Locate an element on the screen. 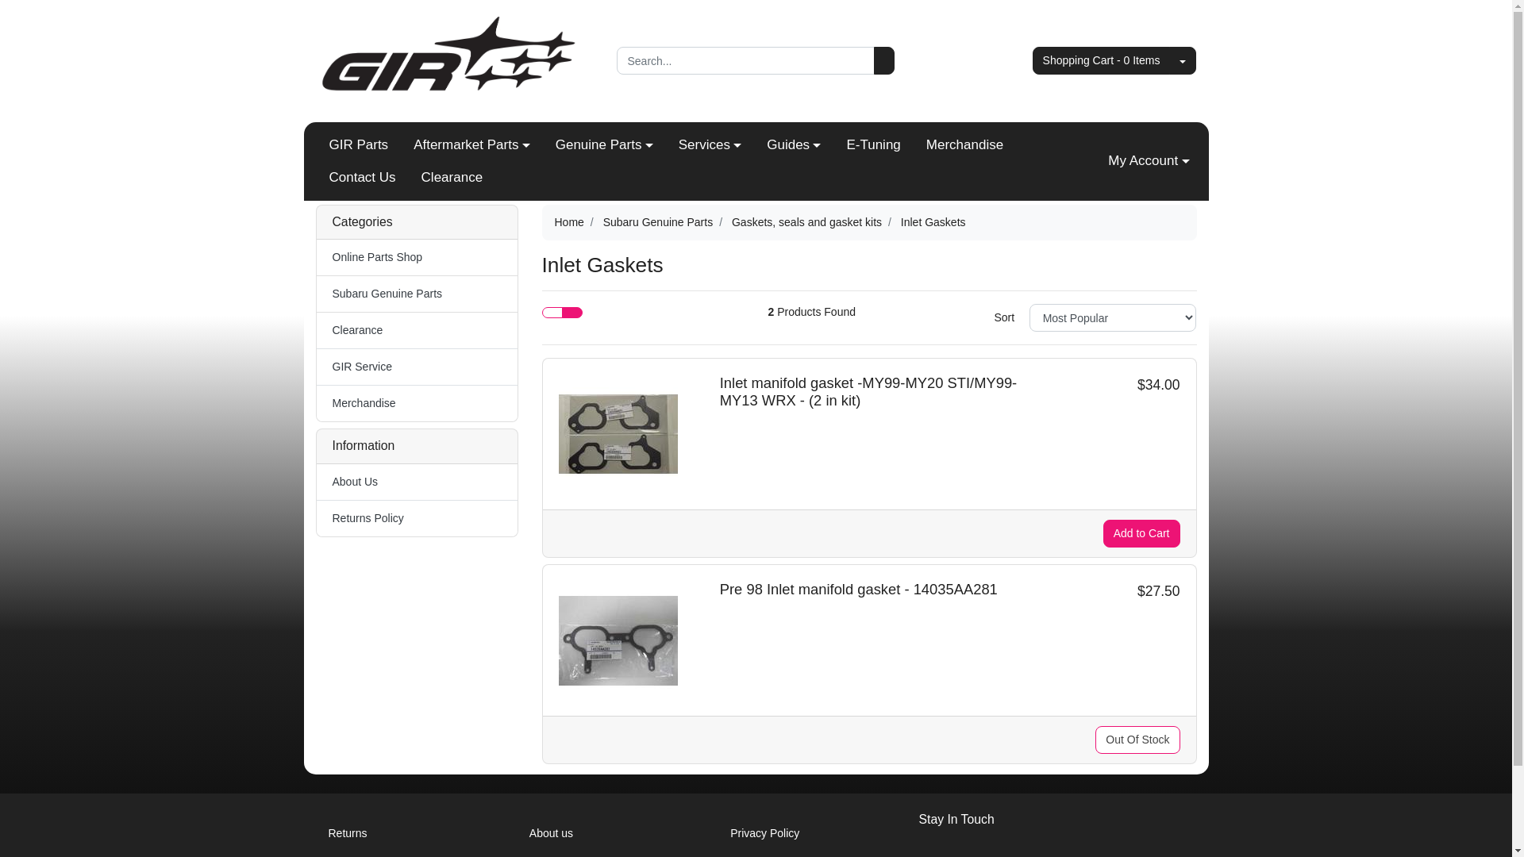  'Search' is located at coordinates (883, 60).